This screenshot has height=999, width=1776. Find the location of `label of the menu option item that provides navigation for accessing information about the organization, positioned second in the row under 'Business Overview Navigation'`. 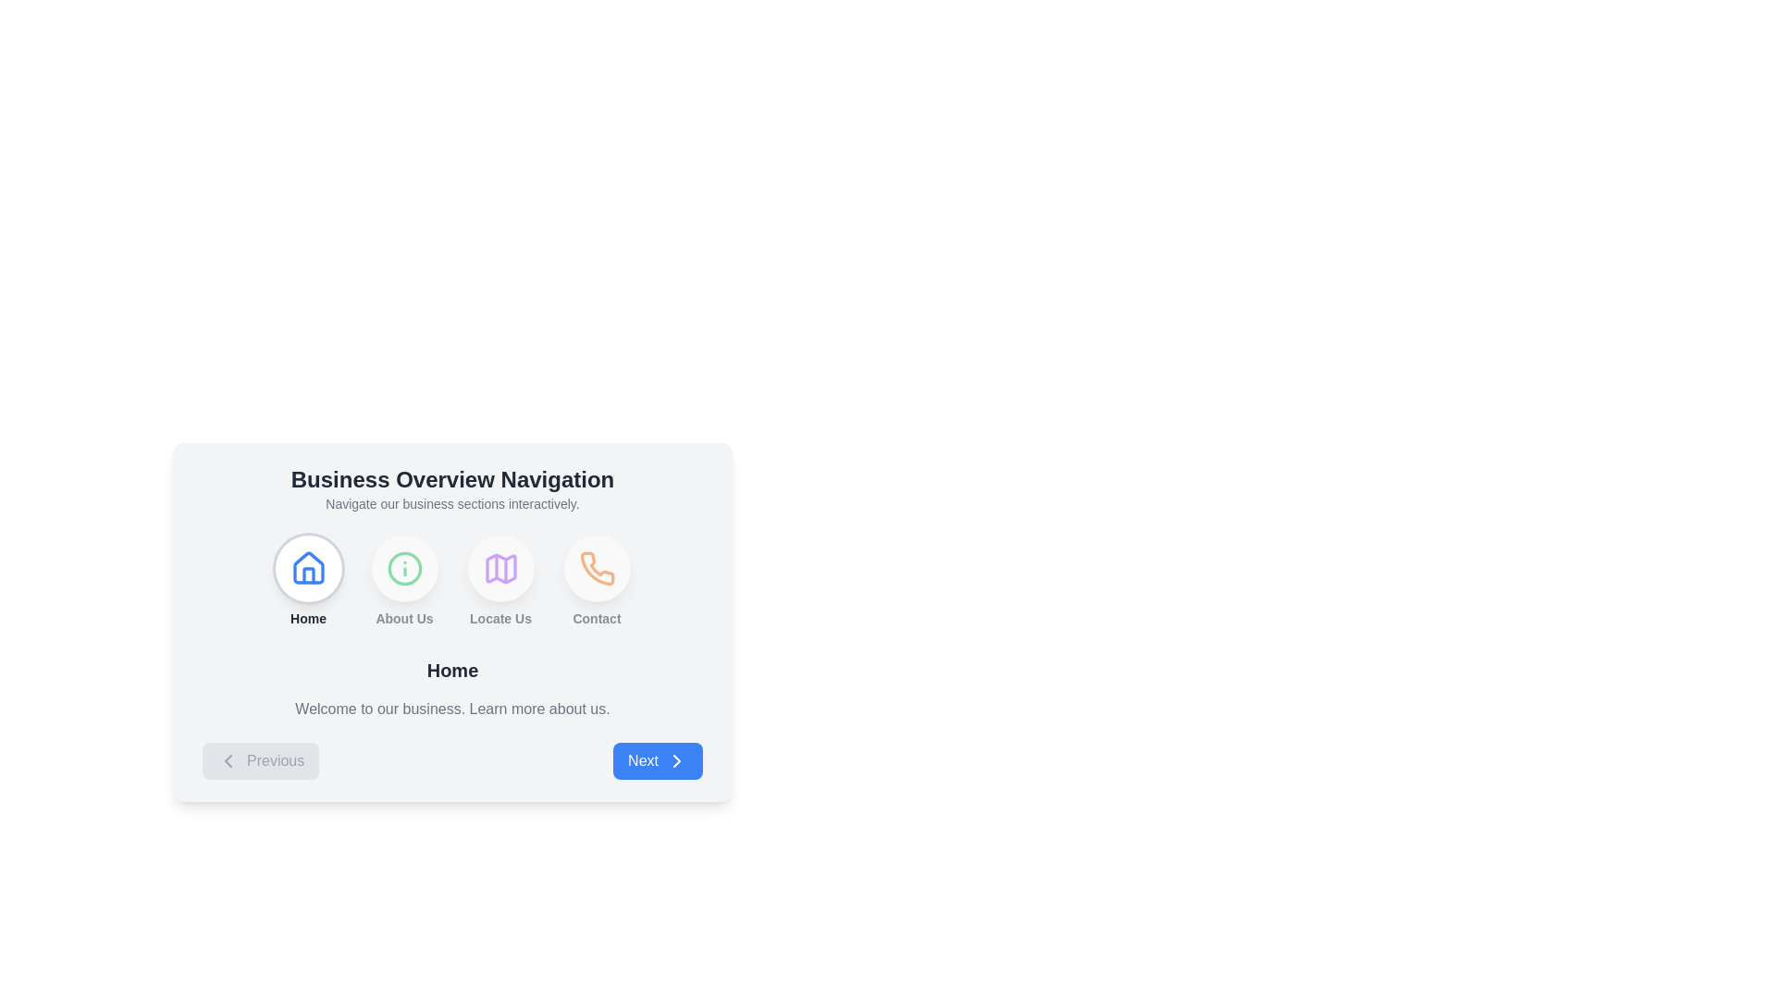

label of the menu option item that provides navigation for accessing information about the organization, positioned second in the row under 'Business Overview Navigation' is located at coordinates (403, 580).